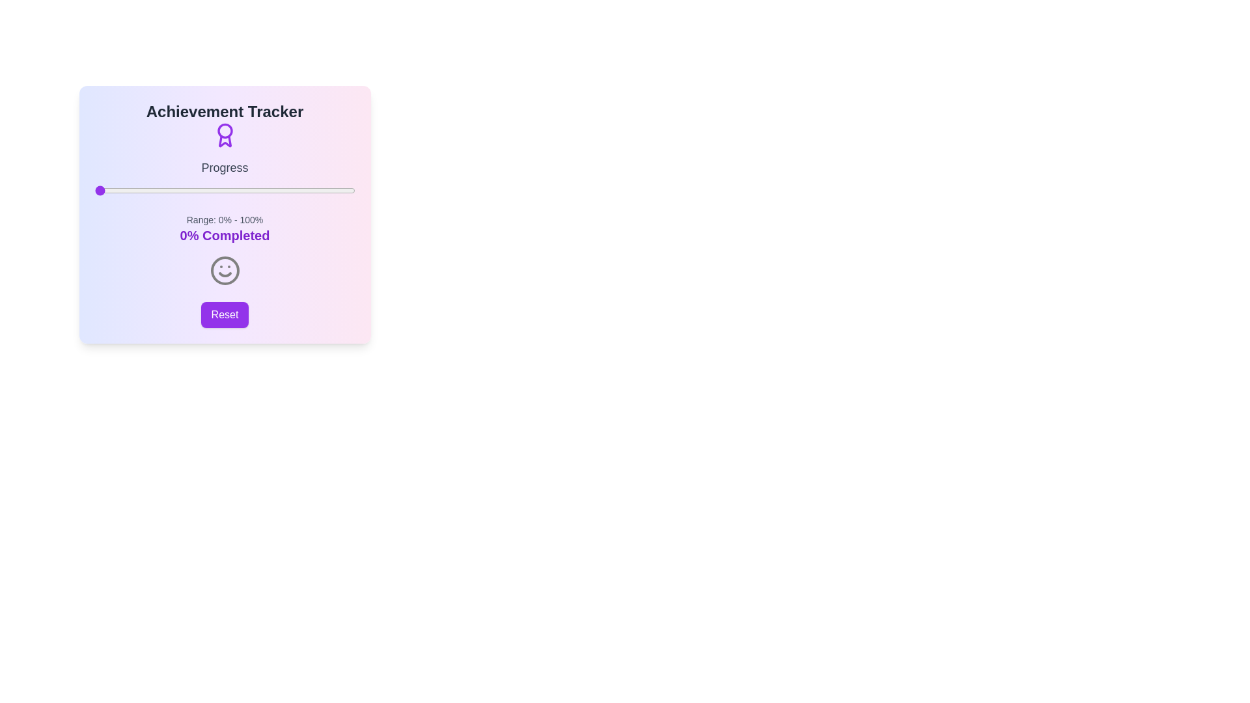  Describe the element at coordinates (102, 191) in the screenshot. I see `the progress slider to 3%` at that location.